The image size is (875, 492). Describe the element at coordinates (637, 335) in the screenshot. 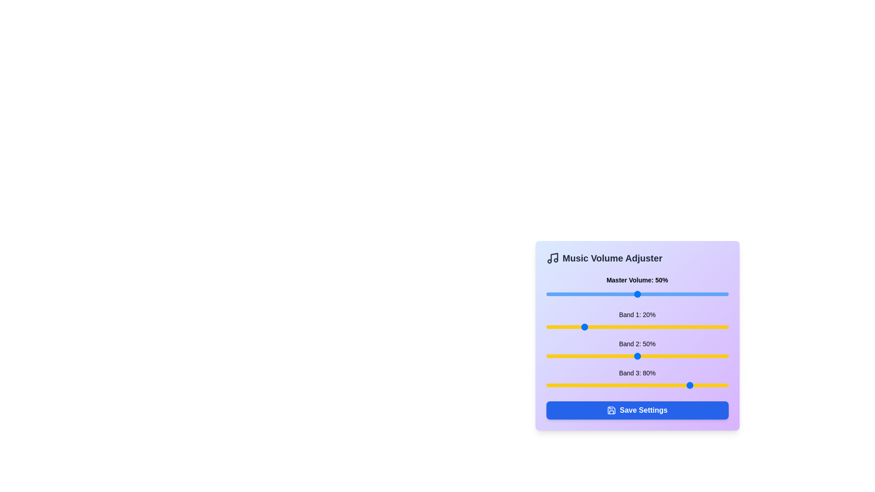

I see `and drag the sliders on the Control panel with slider inputs to adjust volume levels for Master Volume, Band 1, Band 2, and Band 3, which are located below the title 'Music Volume Adjuster'` at that location.